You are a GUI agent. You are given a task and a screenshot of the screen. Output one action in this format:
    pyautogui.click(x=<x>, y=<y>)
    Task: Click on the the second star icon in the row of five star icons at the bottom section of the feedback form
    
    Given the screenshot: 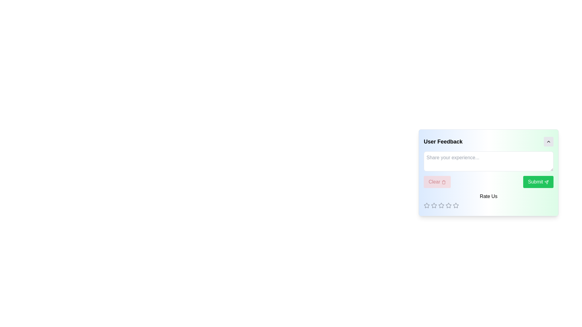 What is the action you would take?
    pyautogui.click(x=433, y=205)
    